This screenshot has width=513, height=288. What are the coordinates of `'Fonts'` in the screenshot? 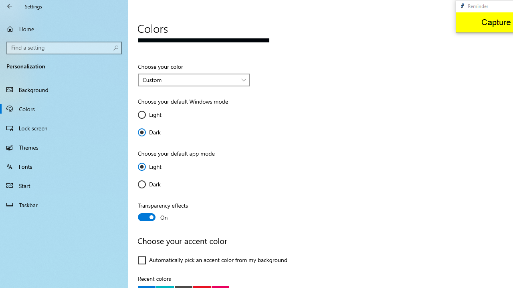 It's located at (64, 166).